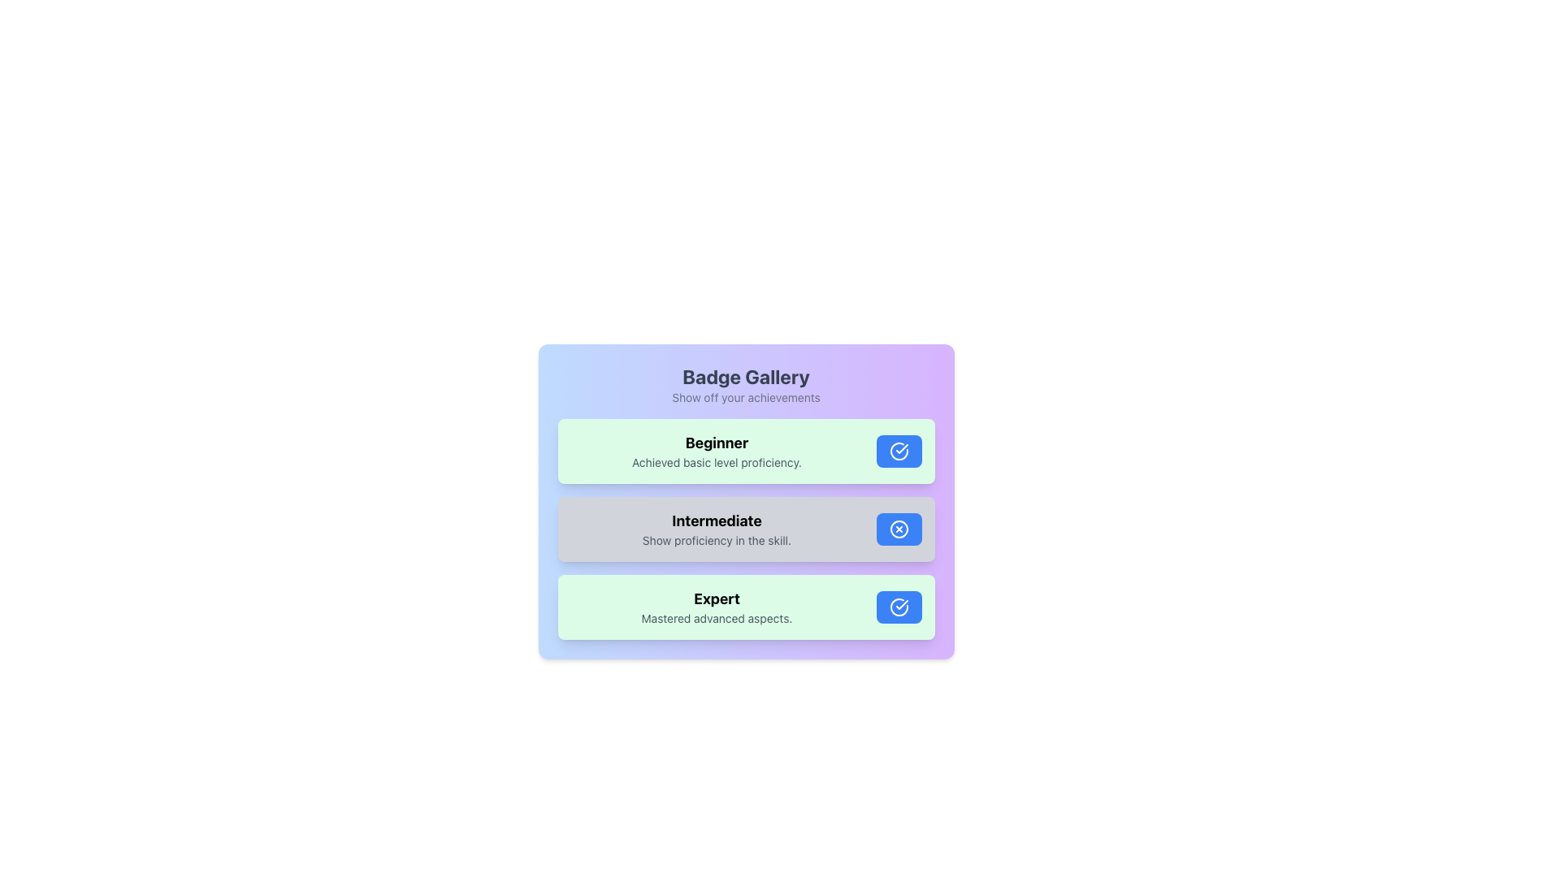  I want to click on the indicative icon signifying completion or approval of the 'Expert' section, located as the rightmost component within the associated button in the bottom section of a three-item list, so click(898, 607).